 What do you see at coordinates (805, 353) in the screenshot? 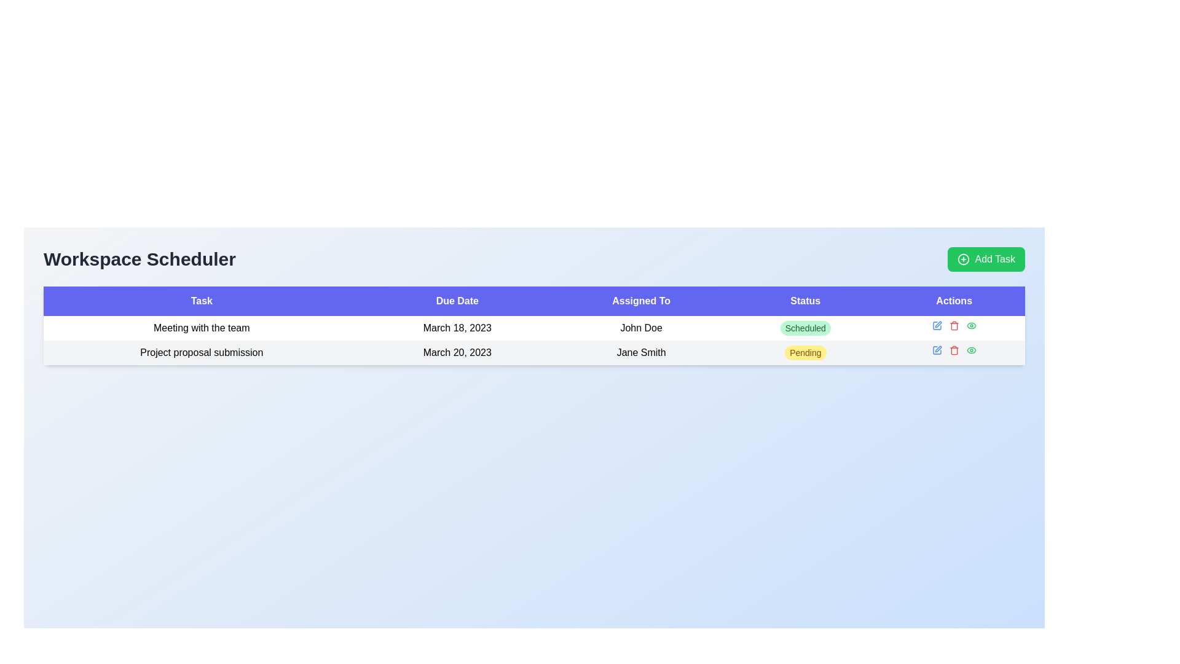
I see `the status label indicating 'pending' for the 'Project proposal submission' task assigned to 'Jane Smith'` at bounding box center [805, 353].